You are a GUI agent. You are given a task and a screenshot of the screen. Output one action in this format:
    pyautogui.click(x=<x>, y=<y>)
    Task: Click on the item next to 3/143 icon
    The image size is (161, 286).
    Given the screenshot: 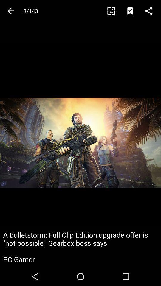 What is the action you would take?
    pyautogui.click(x=114, y=10)
    